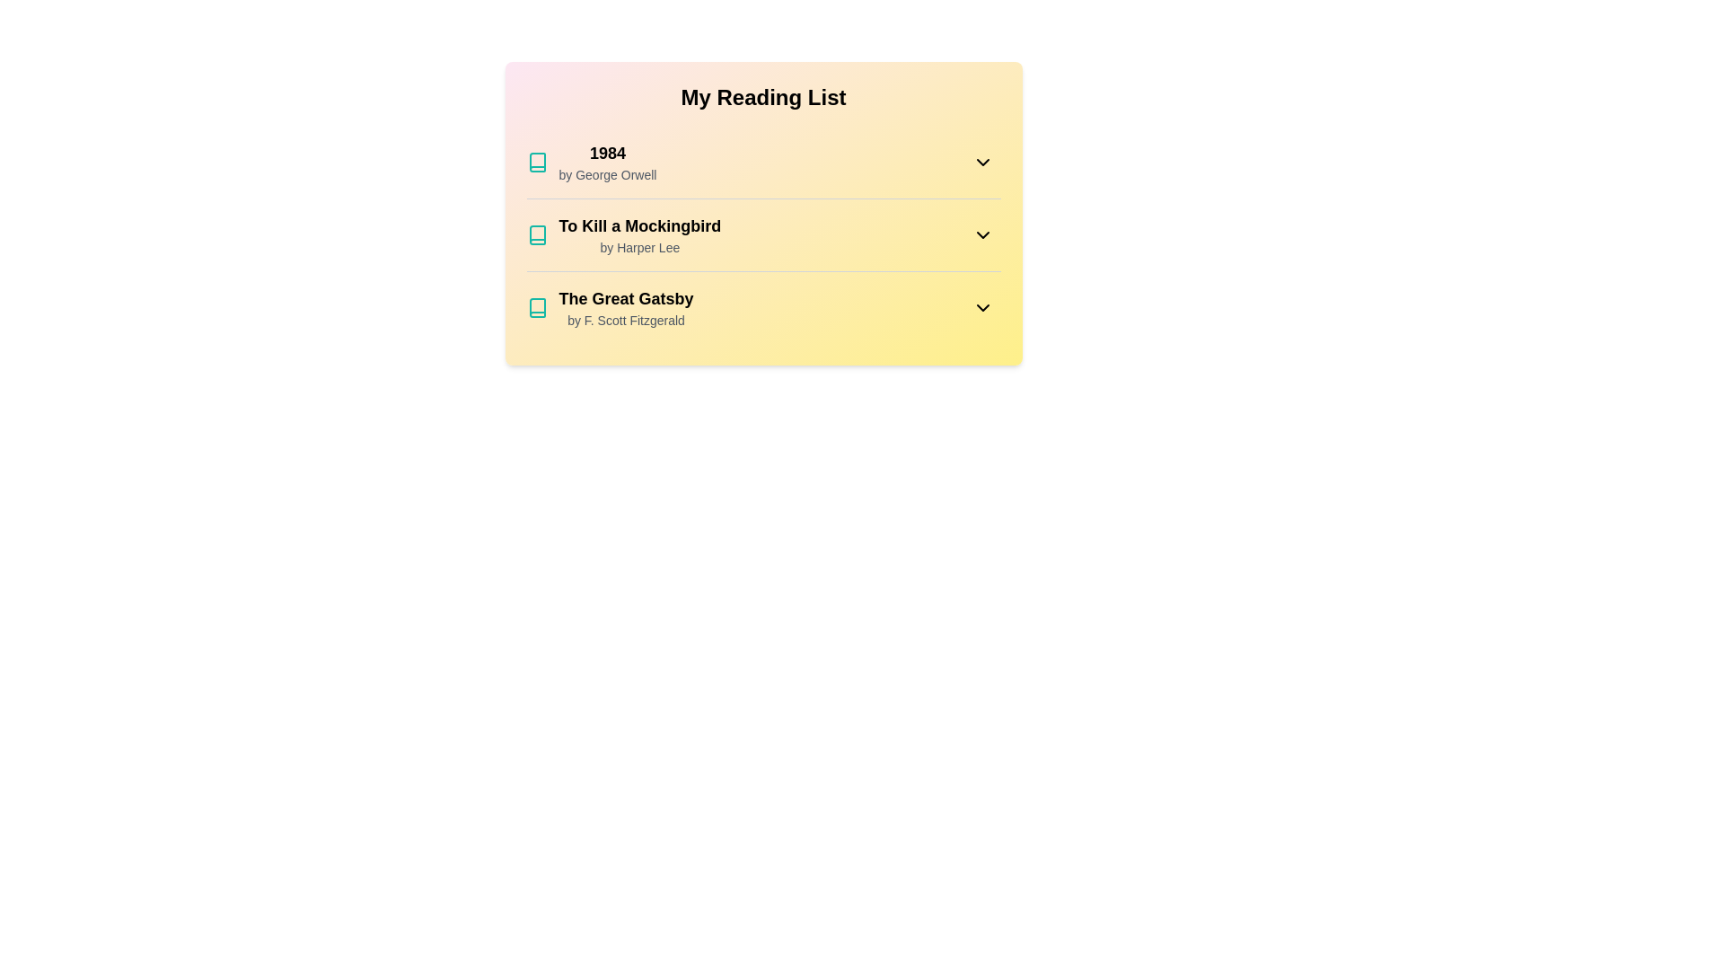 Image resolution: width=1724 pixels, height=970 pixels. I want to click on the book icon for The Great Gatsby, so click(536, 307).